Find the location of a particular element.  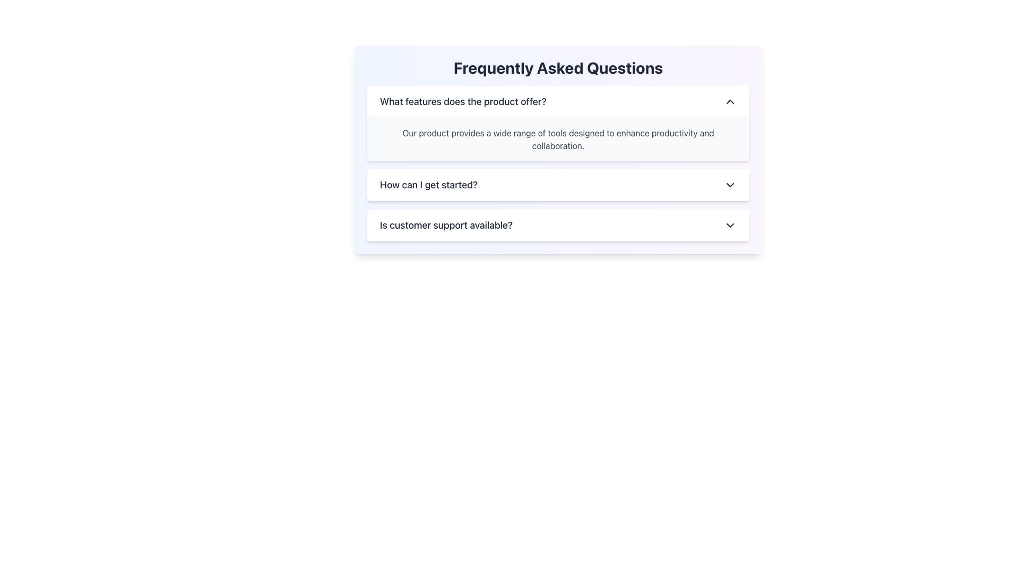

the text label displaying 'What features does the product offer?', which is a medium-sized, bold dark gray header in the FAQ section is located at coordinates (463, 102).